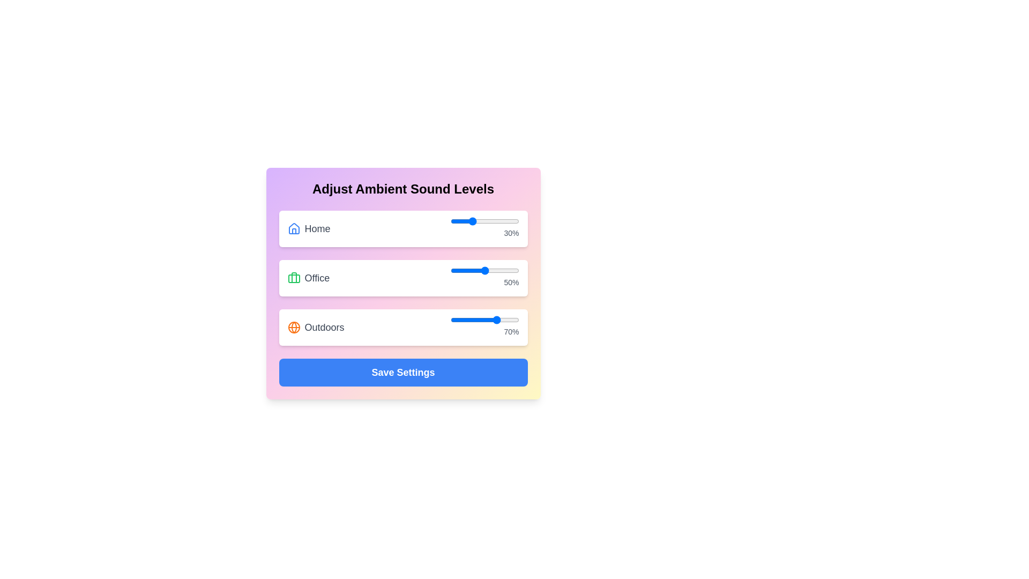 The width and height of the screenshot is (1029, 579). What do you see at coordinates (453, 270) in the screenshot?
I see `the 'Office' sound level slider to 5%` at bounding box center [453, 270].